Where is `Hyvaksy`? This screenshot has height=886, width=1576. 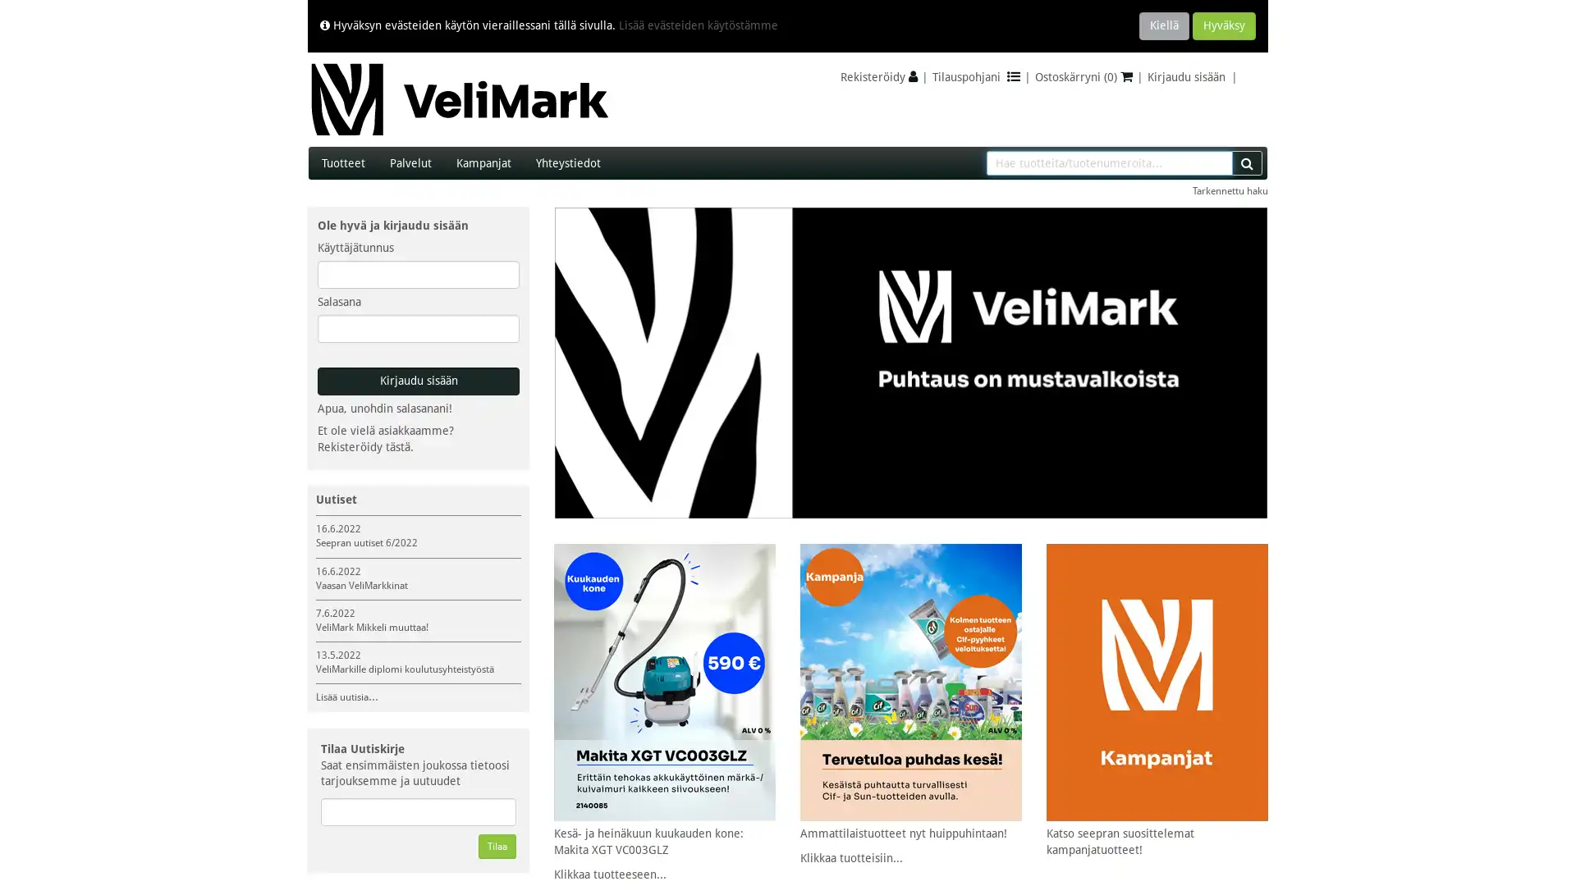
Hyvaksy is located at coordinates (1224, 25).